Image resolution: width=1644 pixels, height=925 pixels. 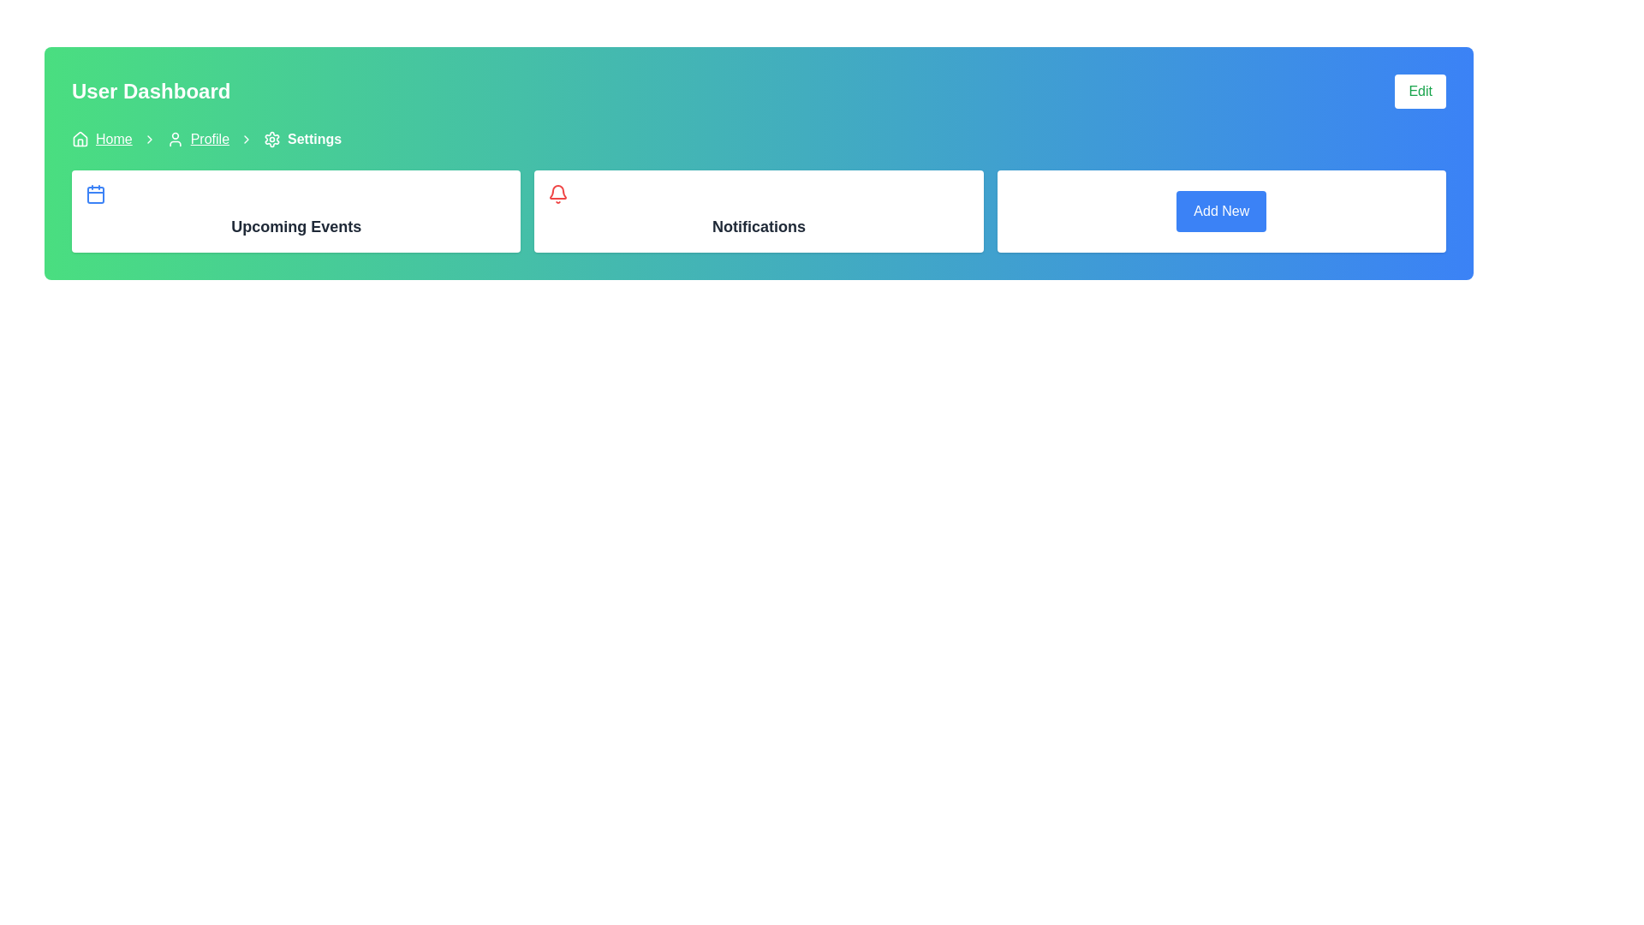 What do you see at coordinates (94, 194) in the screenshot?
I see `the calendar icon with a blue outline located at the top-left corner of the 'Upcoming Events' section` at bounding box center [94, 194].